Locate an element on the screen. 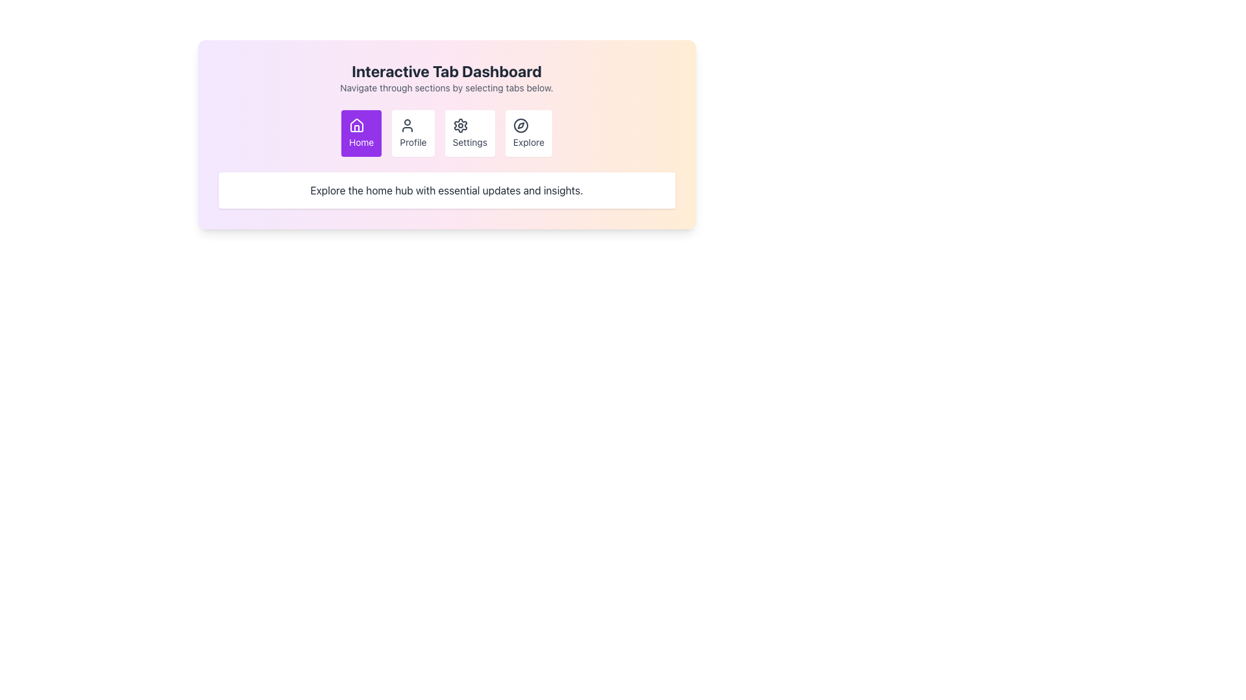  the 'Settings' label that describes the functionality of the 'Settings' button, positioned below the gear icon in the button set is located at coordinates (469, 142).